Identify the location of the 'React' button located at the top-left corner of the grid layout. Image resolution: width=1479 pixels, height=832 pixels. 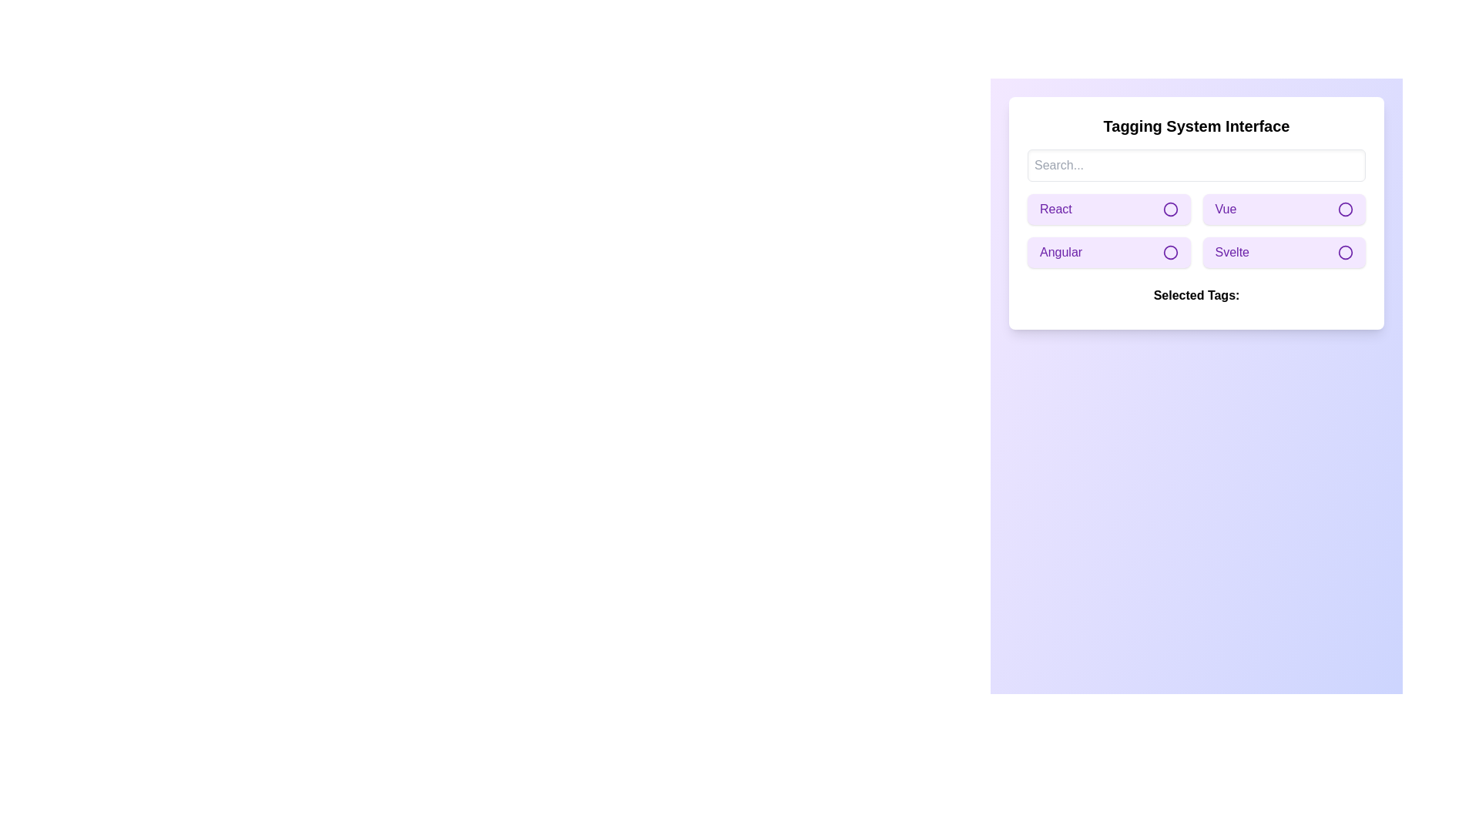
(1108, 210).